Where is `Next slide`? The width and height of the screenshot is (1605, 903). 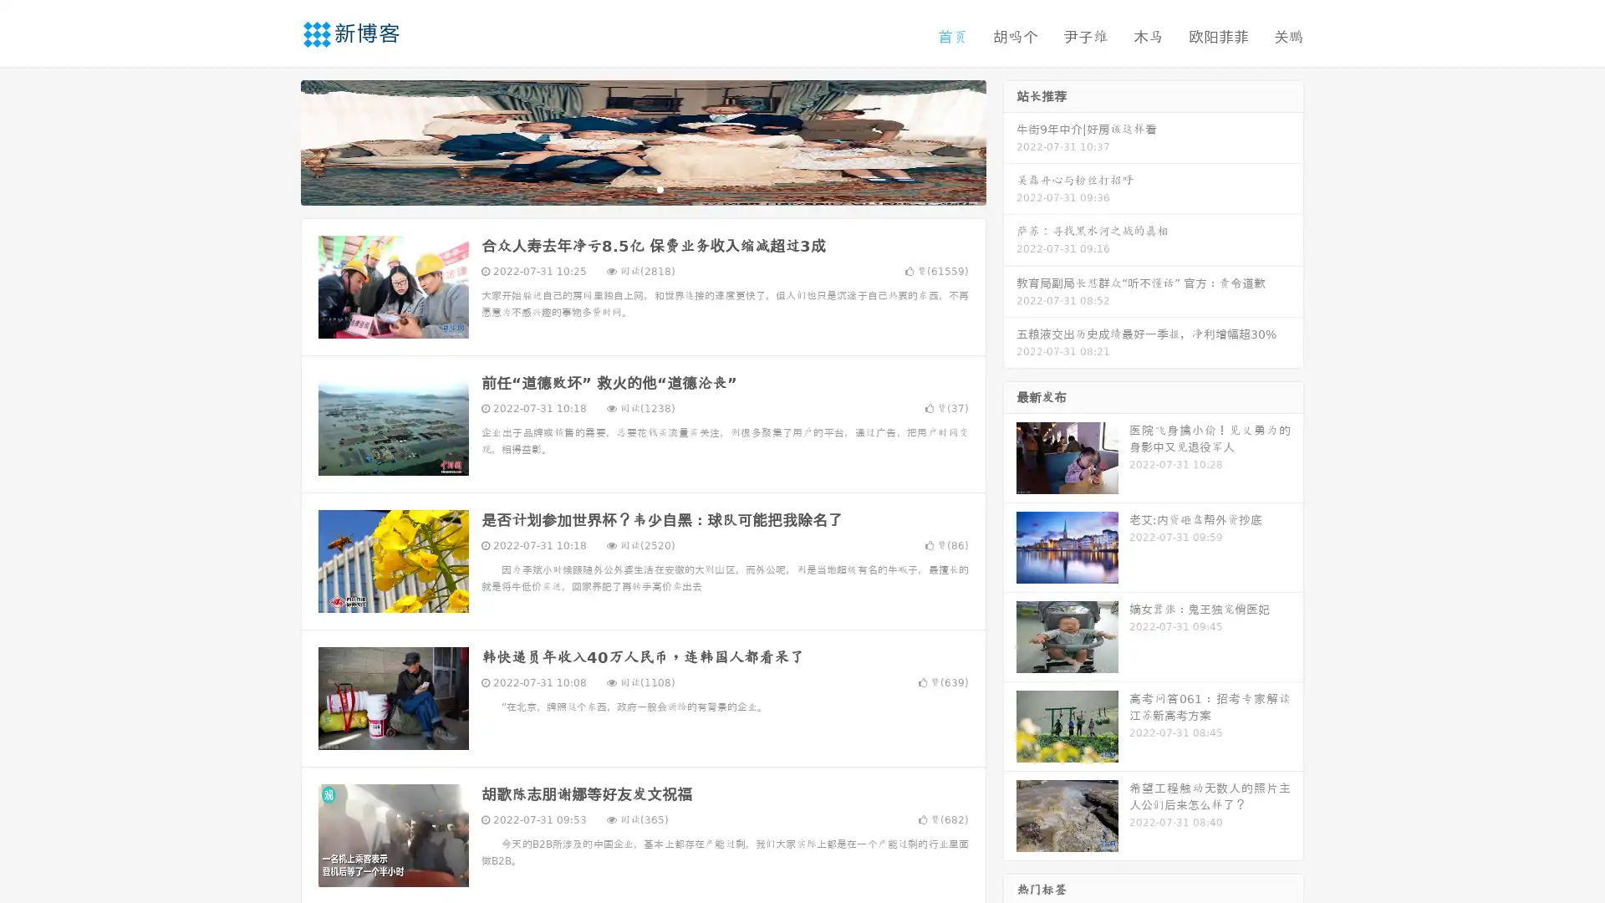 Next slide is located at coordinates (1010, 140).